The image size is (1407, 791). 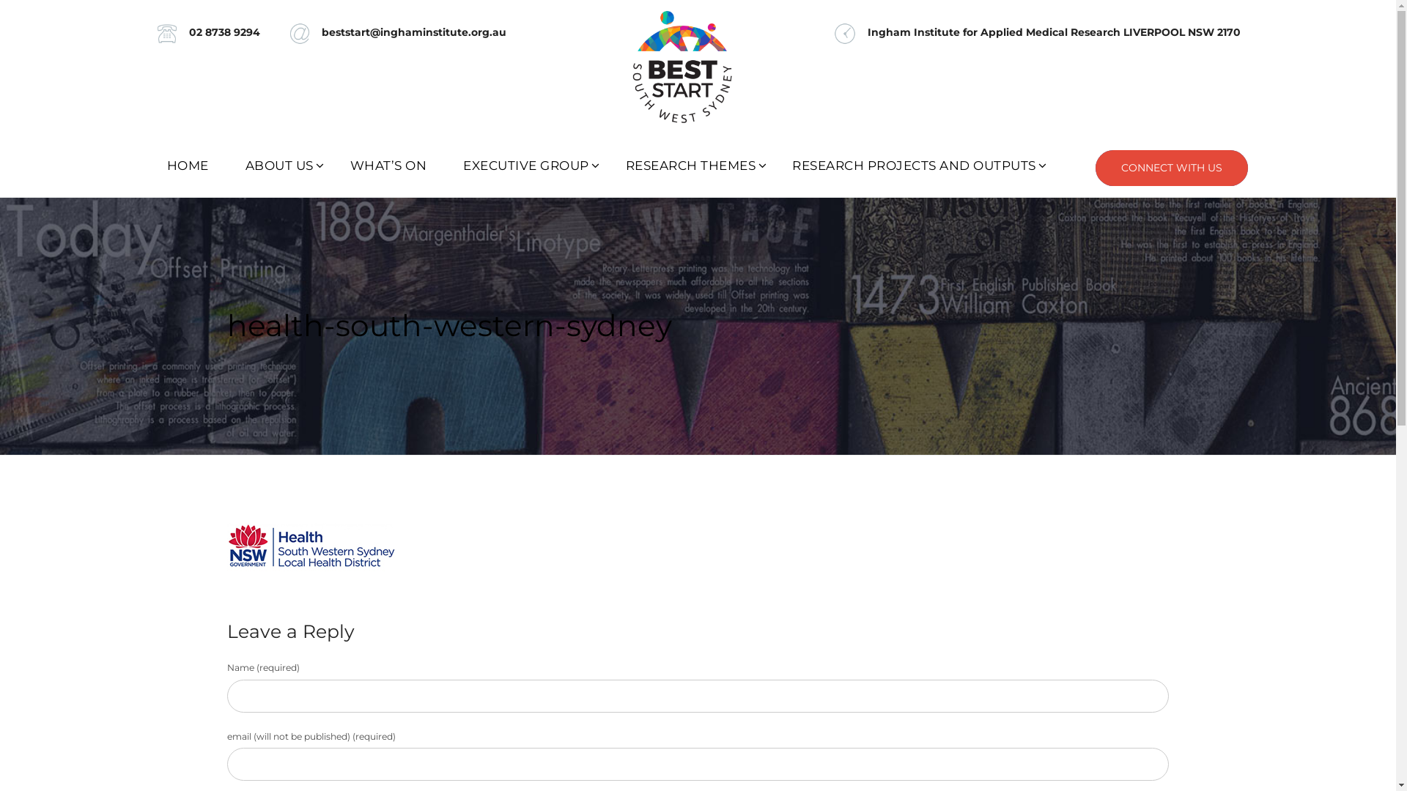 What do you see at coordinates (443, 165) in the screenshot?
I see `'EXECUTIVE GROUP'` at bounding box center [443, 165].